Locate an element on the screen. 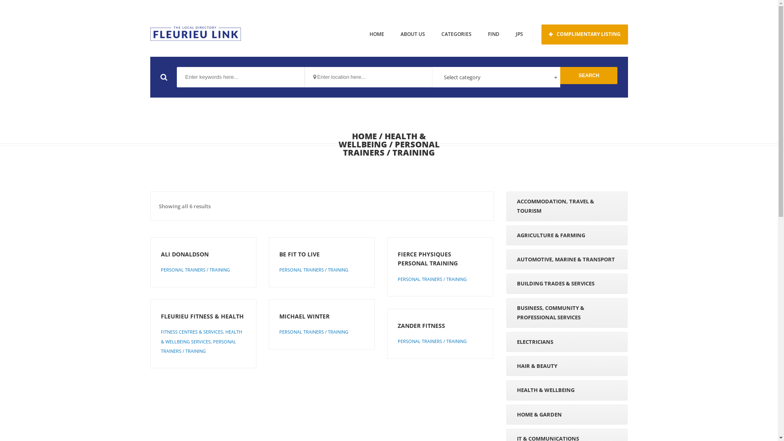  'COMPLIMENTARY LISTING' is located at coordinates (584, 34).